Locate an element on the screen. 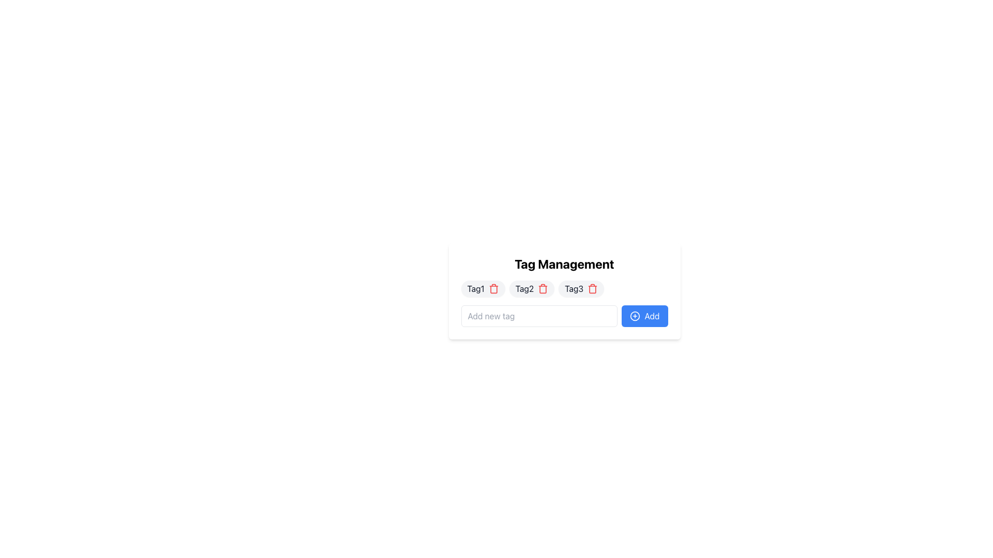 This screenshot has width=993, height=558. the first pill-shaped tag labeled 'Tag1' with a delete button, which is positioned under 'Tag Management' is located at coordinates (483, 289).